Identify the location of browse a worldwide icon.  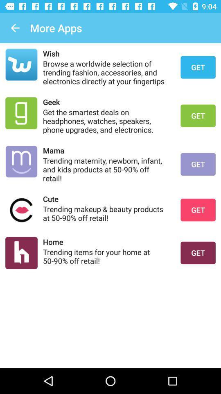
(106, 72).